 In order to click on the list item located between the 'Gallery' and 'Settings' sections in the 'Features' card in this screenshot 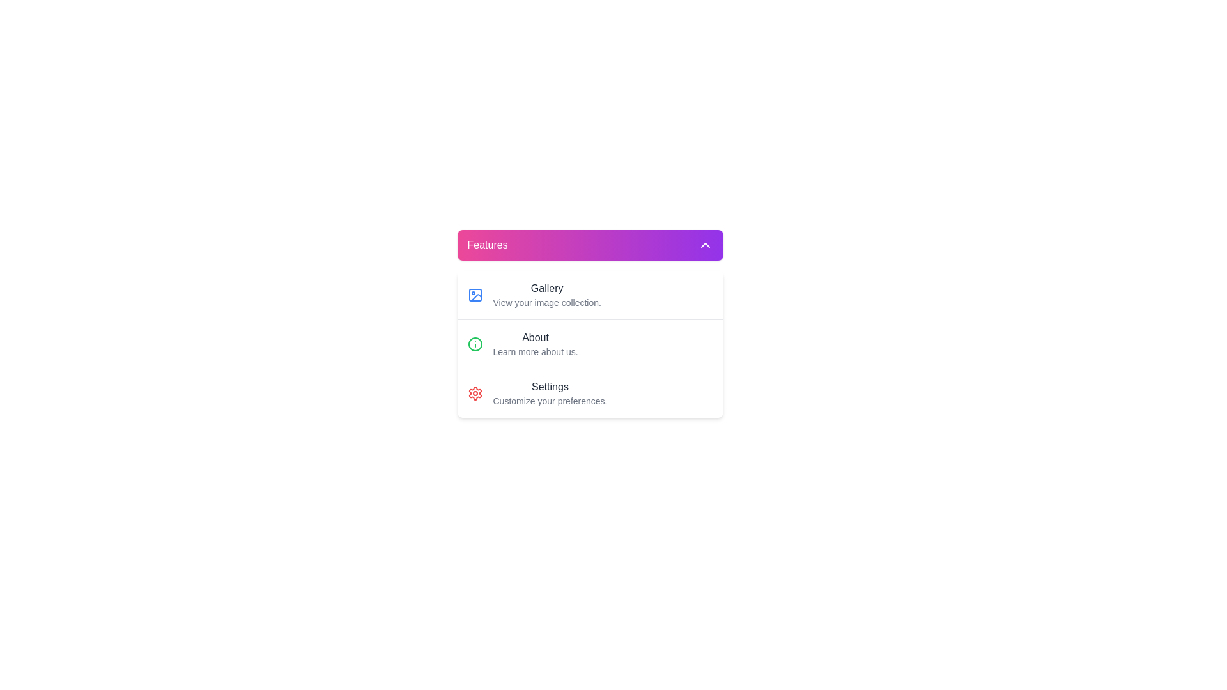, I will do `click(589, 343)`.